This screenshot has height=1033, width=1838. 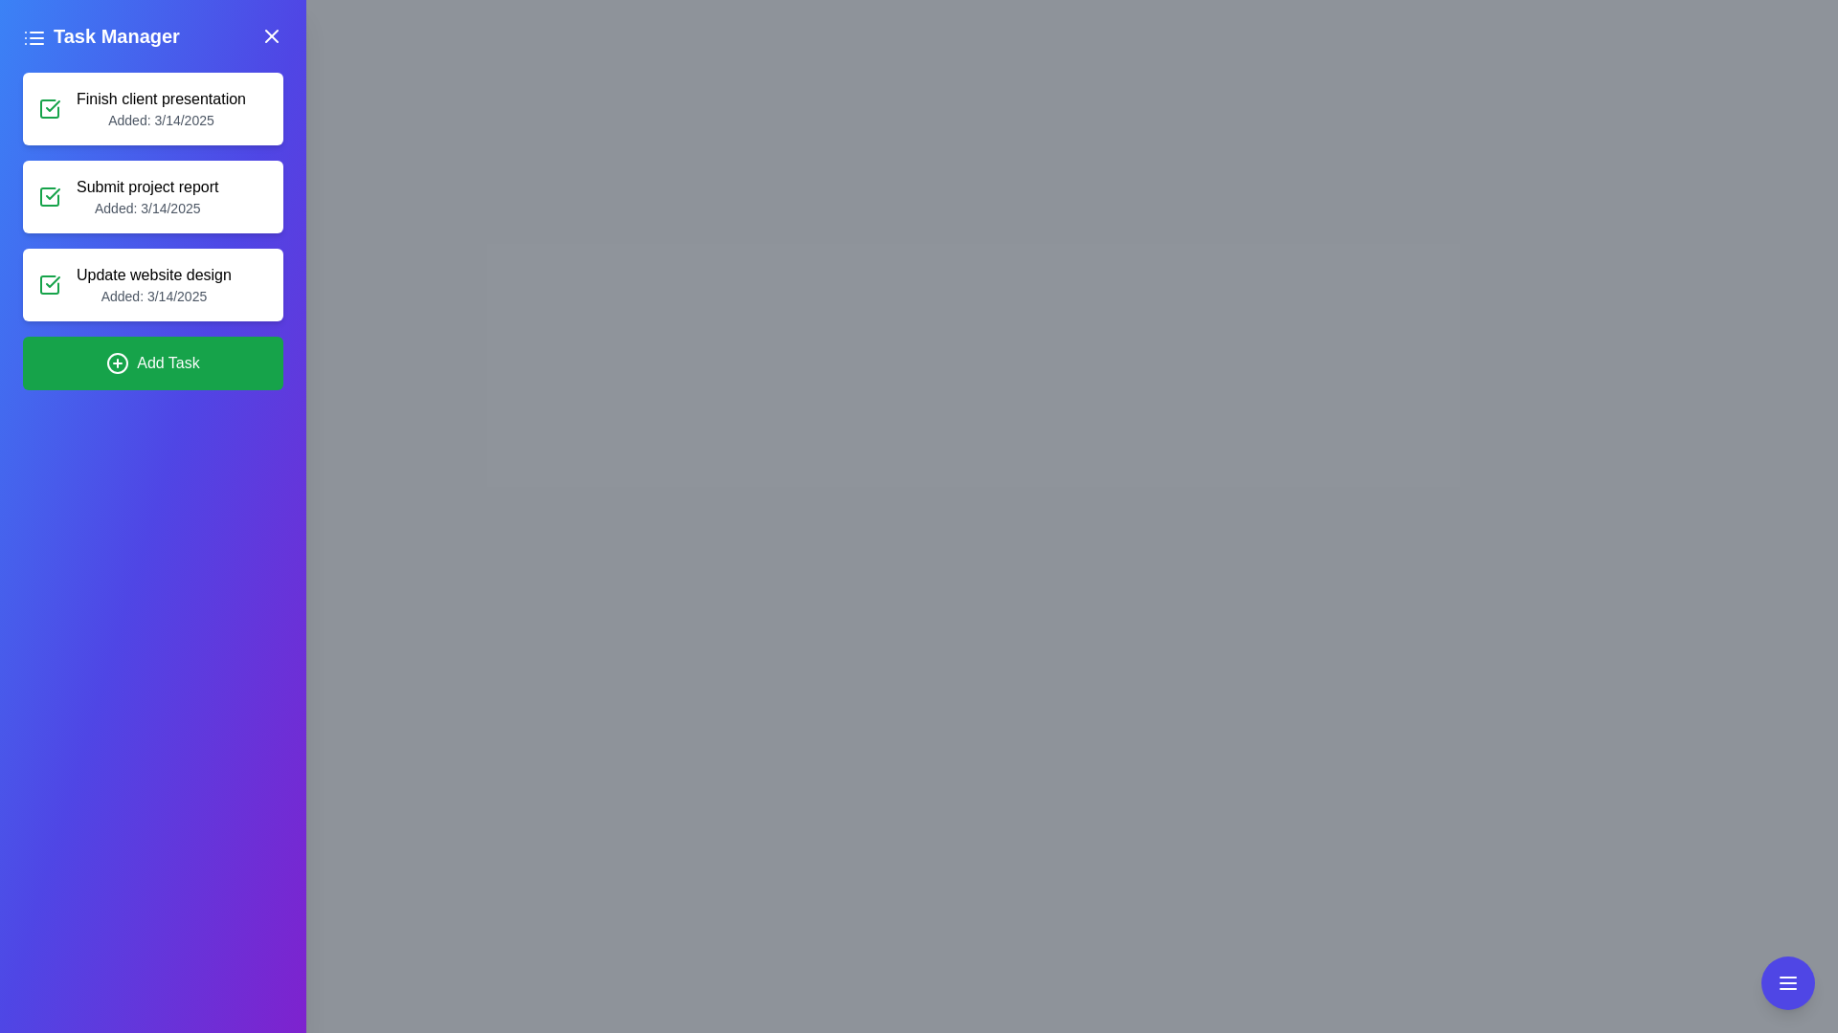 I want to click on text displayed in the third task of the vertical list, which shows 'Update website design' and 'Added: 3/14/2025', so click(x=153, y=284).